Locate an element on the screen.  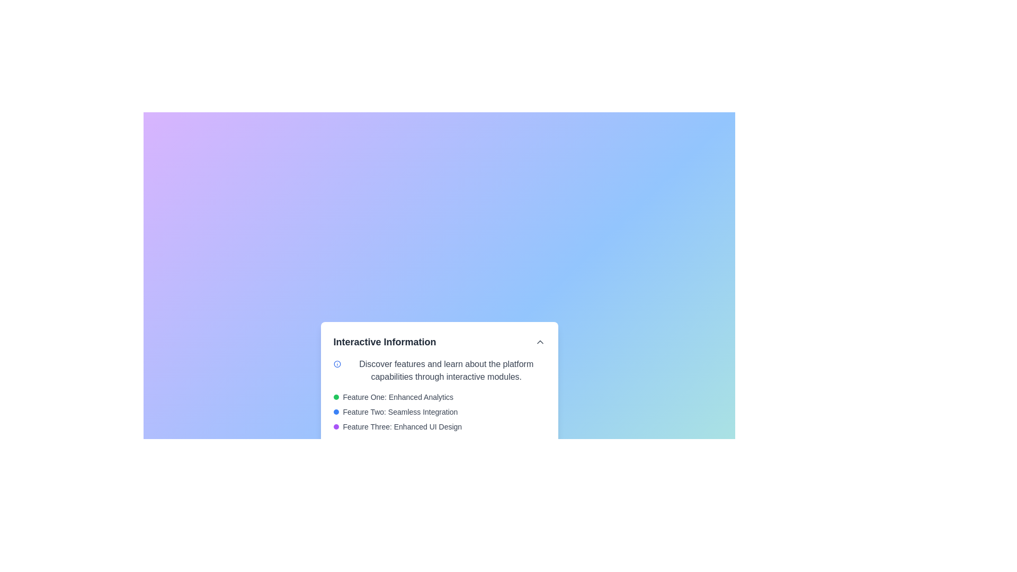
the informational Text block that guides users through the platform's features, located centrally beneath the heading 'Interactive Information' is located at coordinates (446, 370).